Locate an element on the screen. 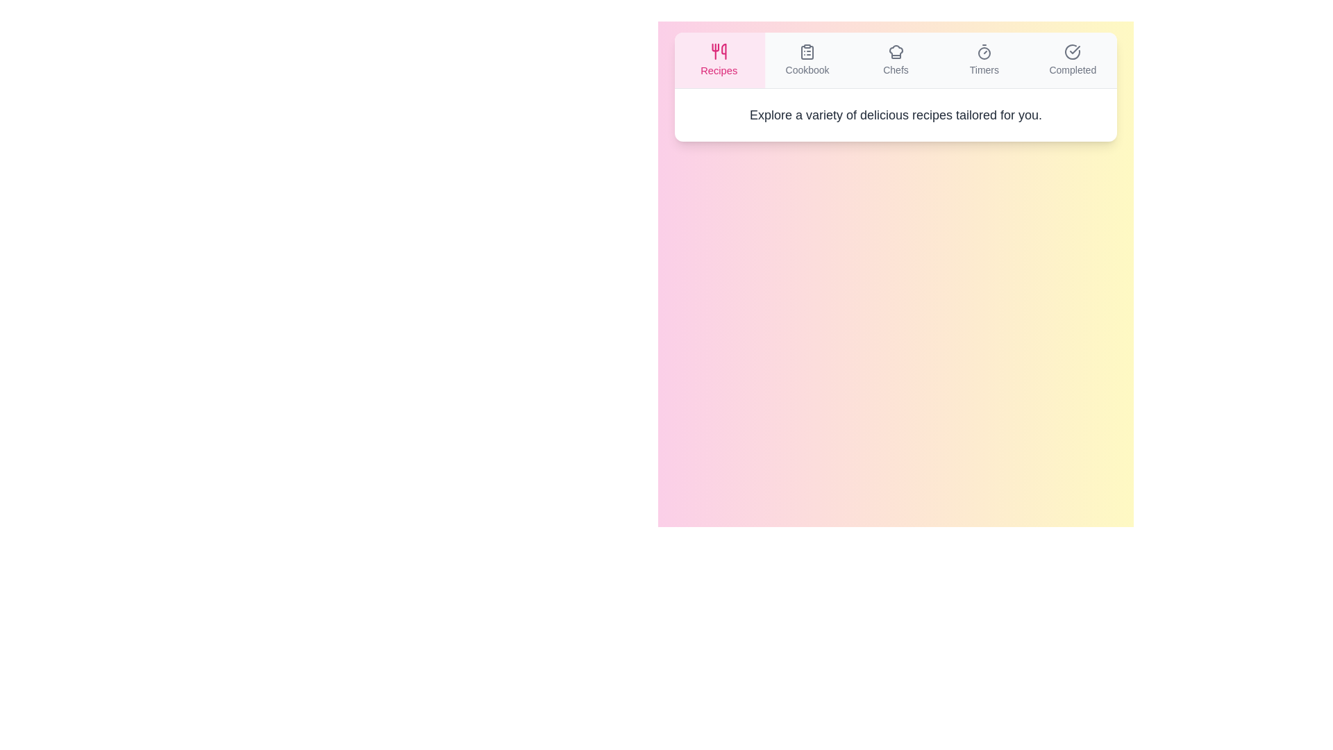  the tab labeled Completed to view its associated content is located at coordinates (1072, 60).